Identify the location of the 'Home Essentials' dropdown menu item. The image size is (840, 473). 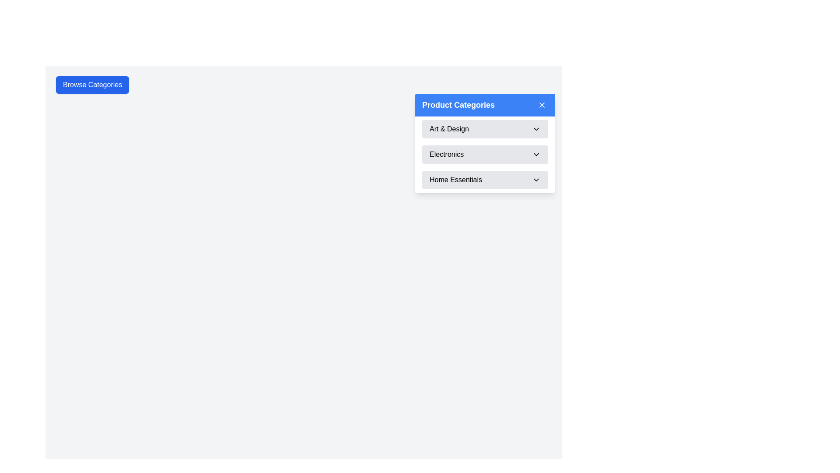
(484, 180).